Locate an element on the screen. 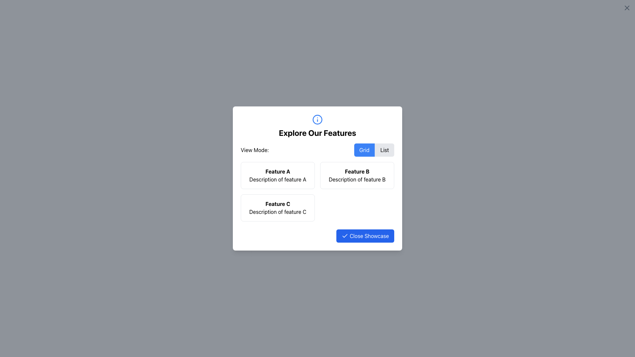  the Information card that describes 'Feature C', located in the lower-left corner of the two-column grid structure, positioned after 'Feature A' and below 'Feature B' is located at coordinates (278, 207).